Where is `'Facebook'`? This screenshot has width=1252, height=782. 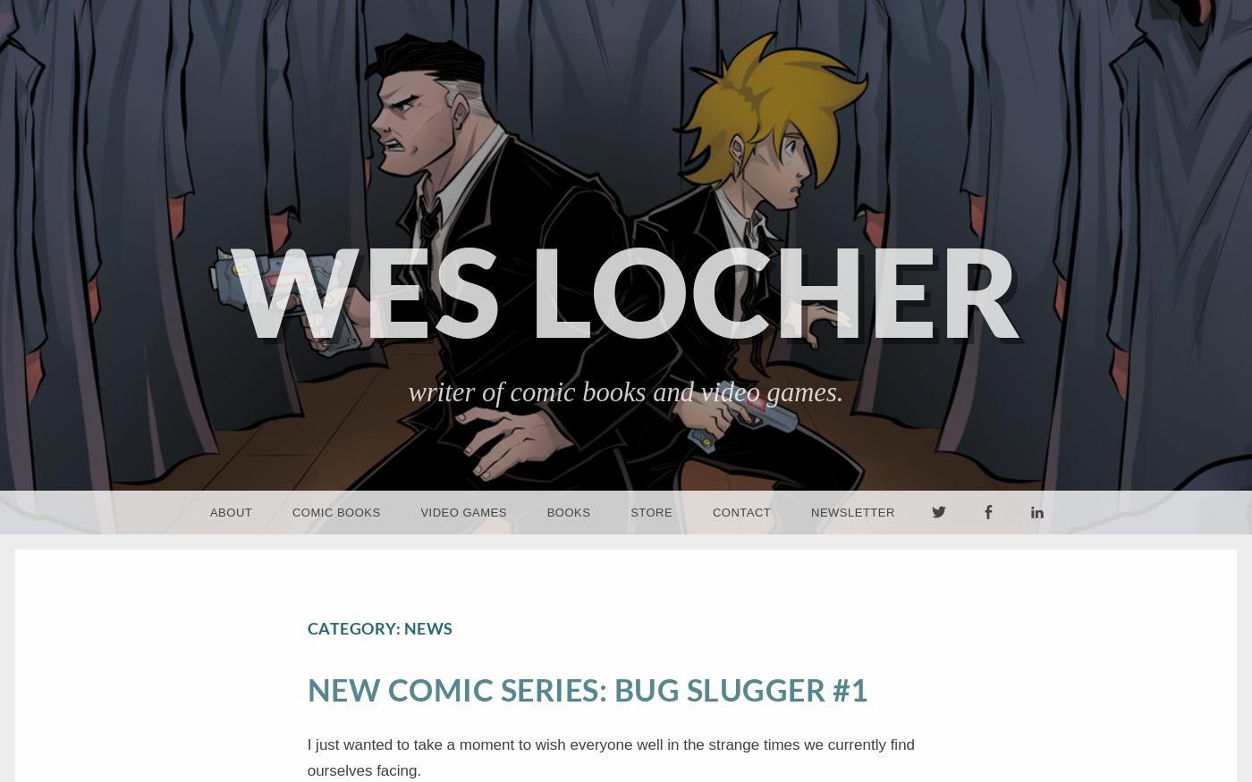 'Facebook' is located at coordinates (988, 557).